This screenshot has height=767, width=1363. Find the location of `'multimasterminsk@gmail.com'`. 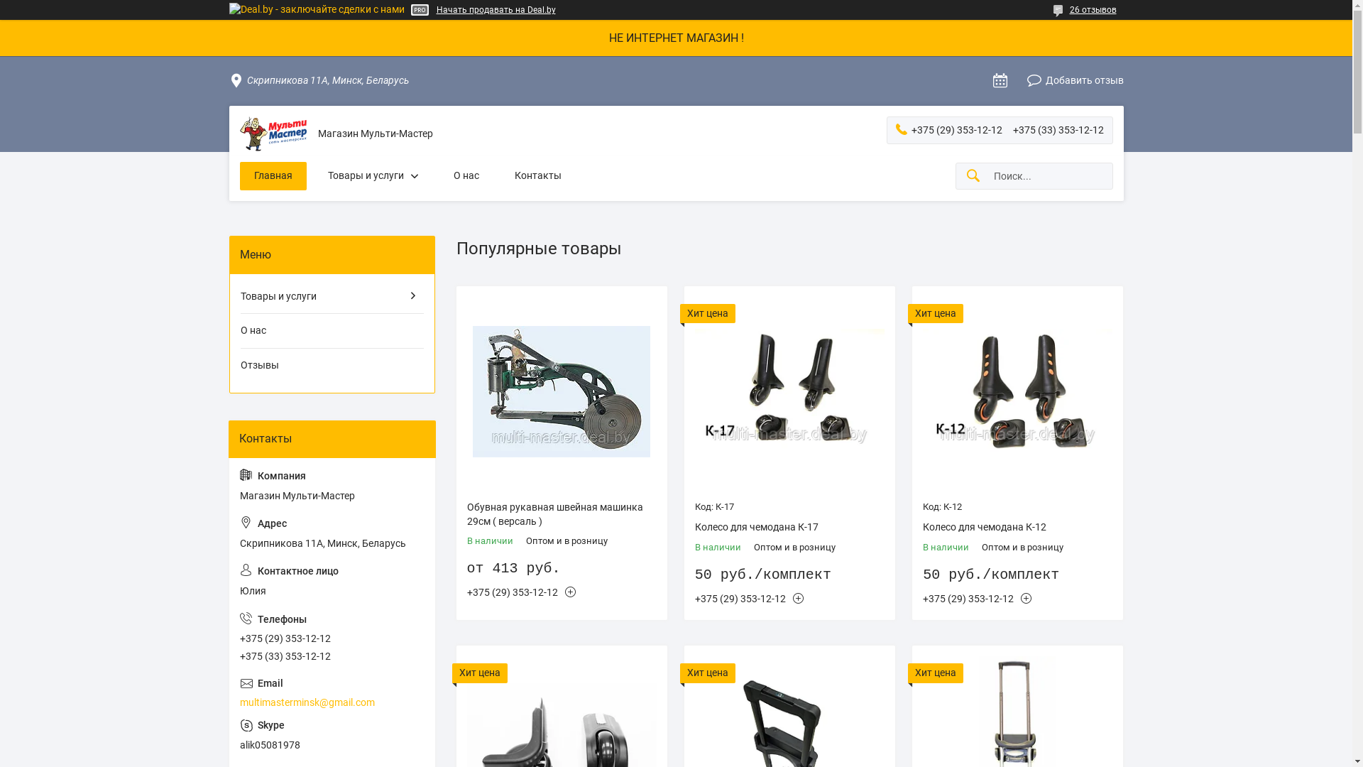

'multimasterminsk@gmail.com' is located at coordinates (332, 692).